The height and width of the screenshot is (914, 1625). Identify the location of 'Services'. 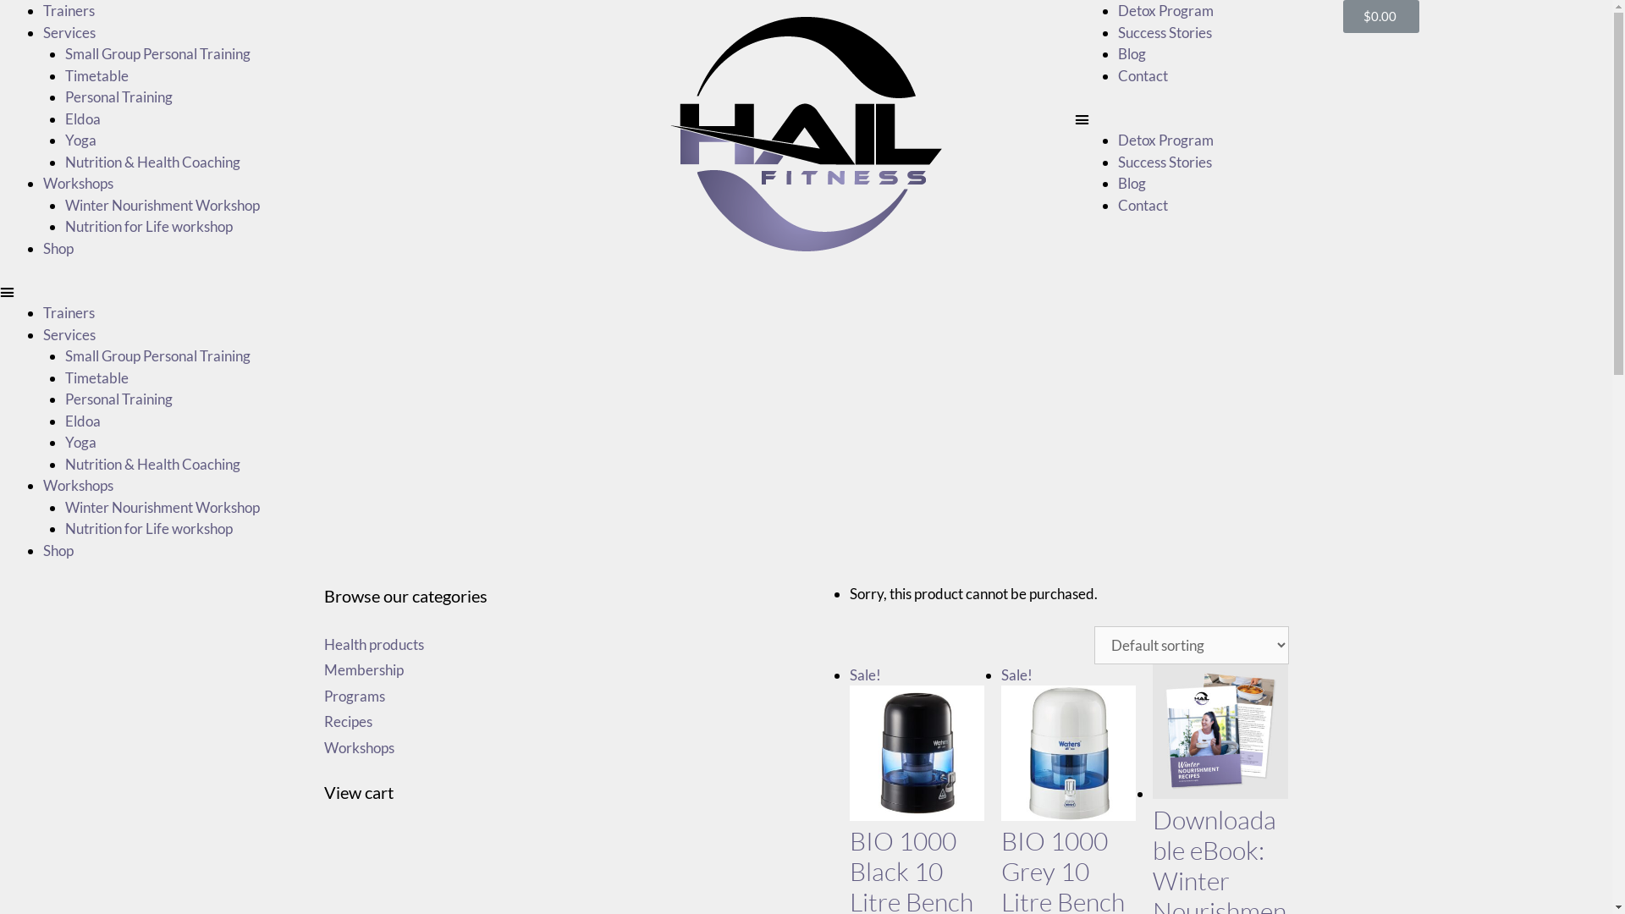
(68, 32).